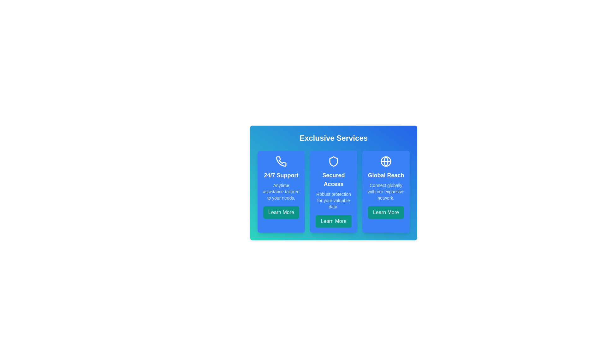  What do you see at coordinates (333, 191) in the screenshot?
I see `the feature card labeled 'Secured Access' to observe the hover effect` at bounding box center [333, 191].